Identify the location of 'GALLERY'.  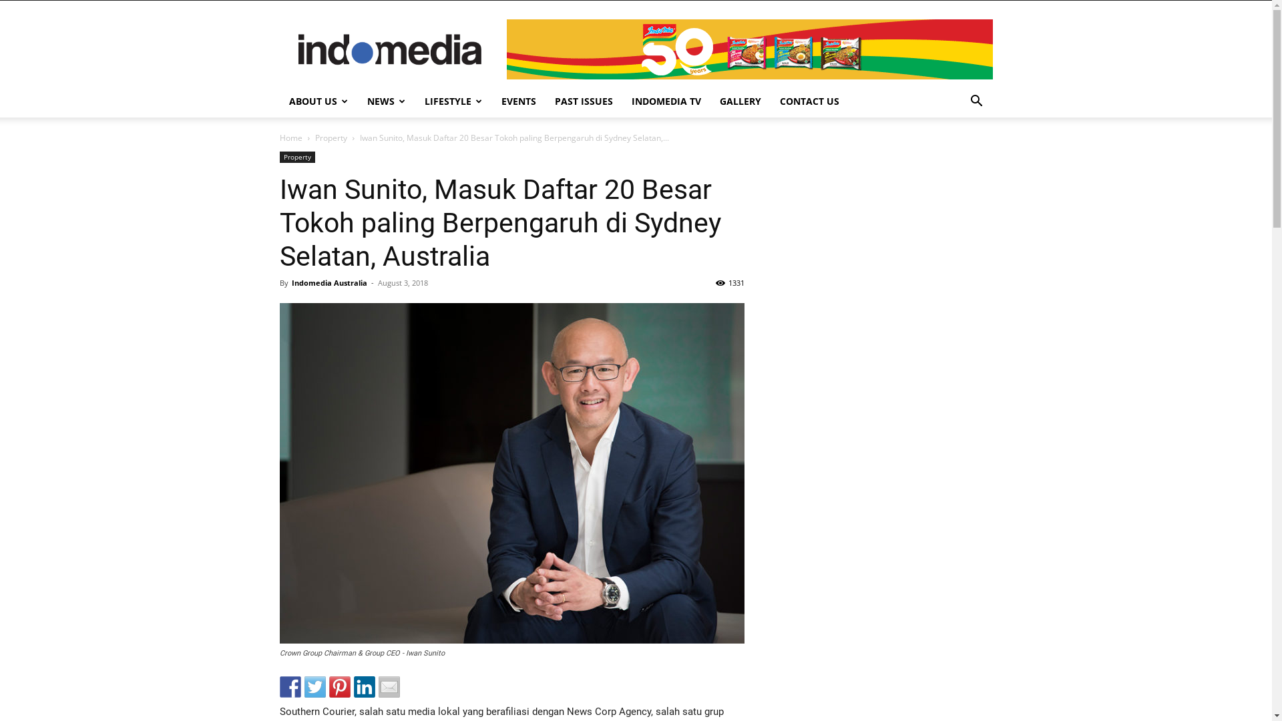
(739, 100).